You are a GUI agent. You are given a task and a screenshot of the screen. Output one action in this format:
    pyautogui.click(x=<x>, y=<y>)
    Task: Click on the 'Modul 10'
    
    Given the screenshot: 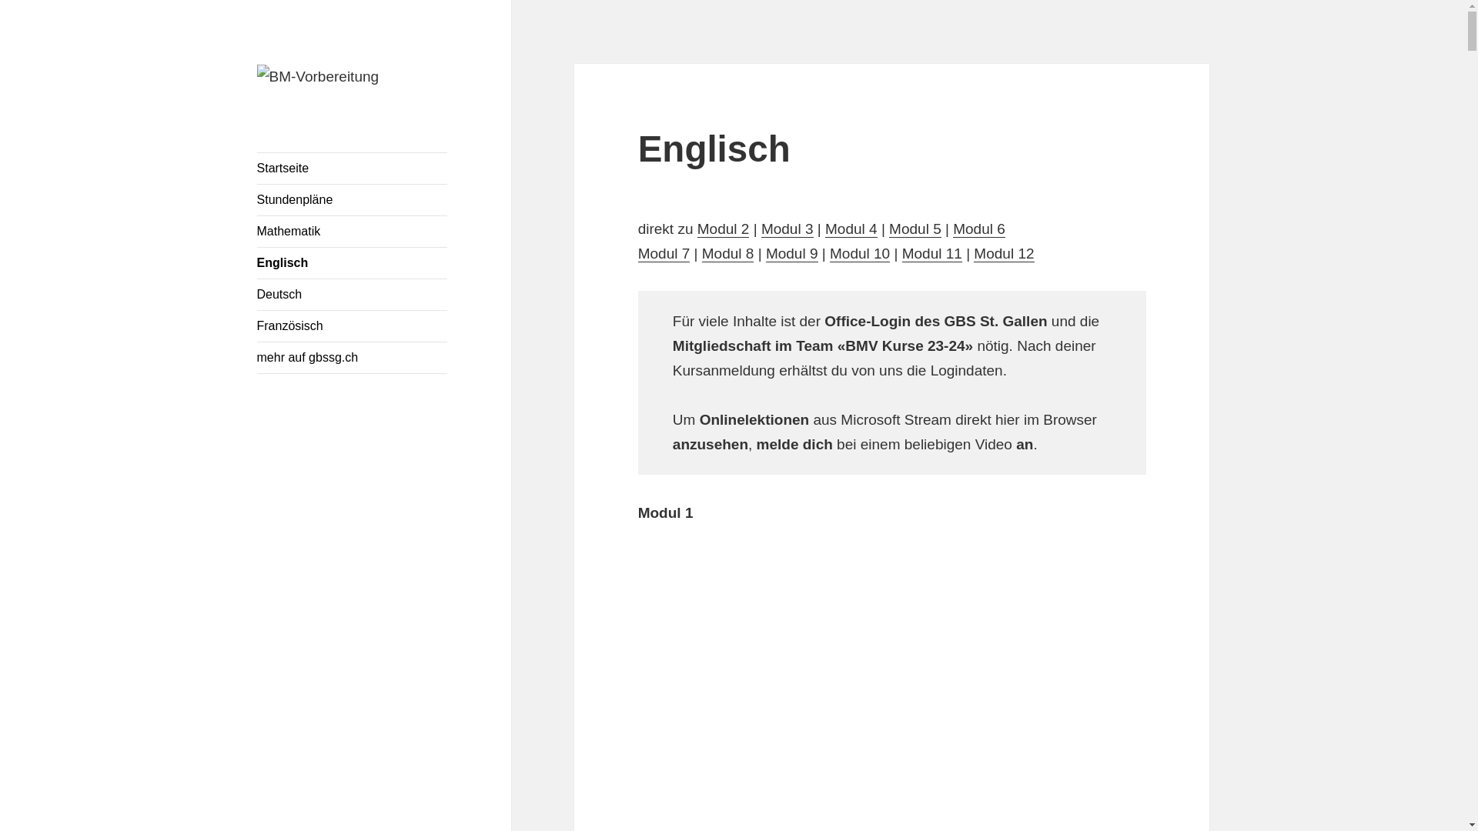 What is the action you would take?
    pyautogui.click(x=859, y=253)
    